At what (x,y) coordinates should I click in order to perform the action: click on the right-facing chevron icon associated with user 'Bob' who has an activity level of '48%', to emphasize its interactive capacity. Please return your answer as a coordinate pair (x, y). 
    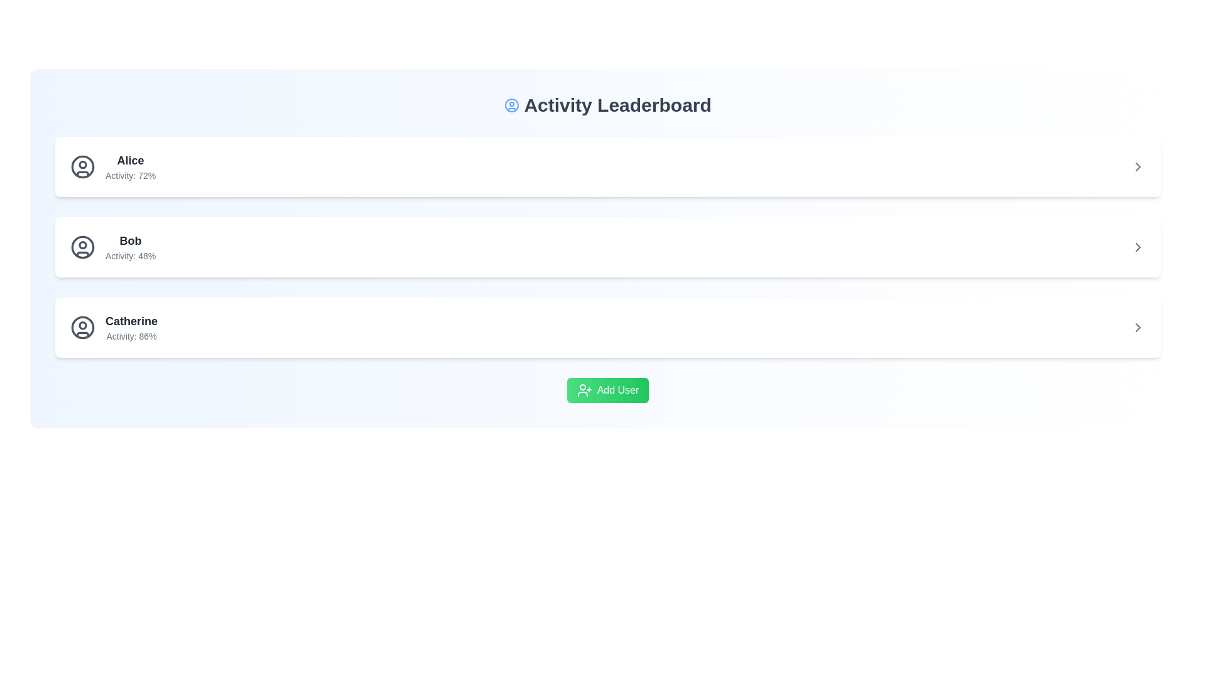
    Looking at the image, I should click on (1138, 247).